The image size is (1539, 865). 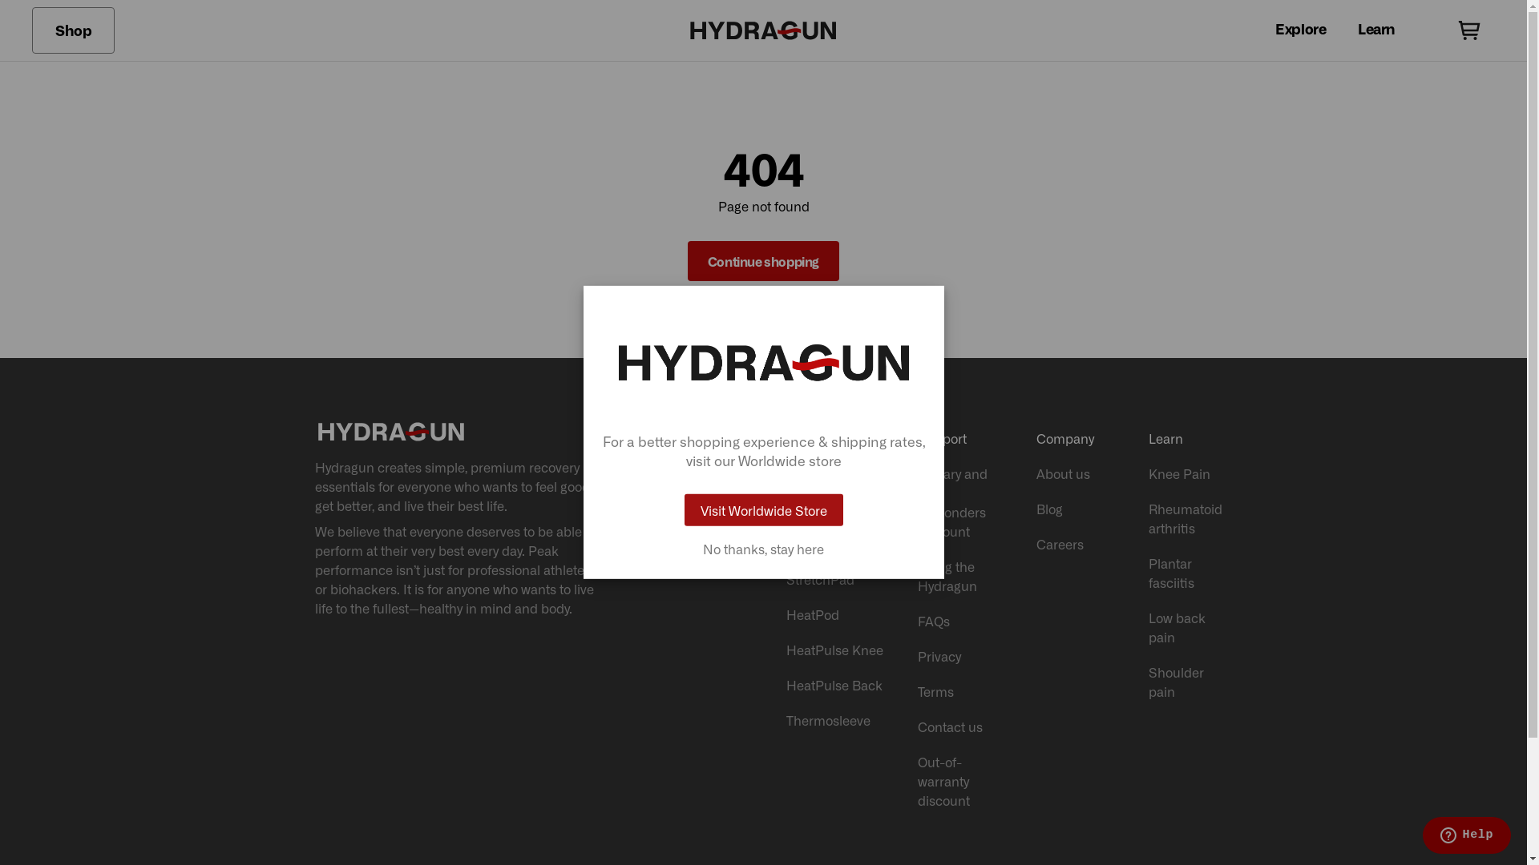 What do you see at coordinates (1188, 518) in the screenshot?
I see `'Rheumatoid arthritis'` at bounding box center [1188, 518].